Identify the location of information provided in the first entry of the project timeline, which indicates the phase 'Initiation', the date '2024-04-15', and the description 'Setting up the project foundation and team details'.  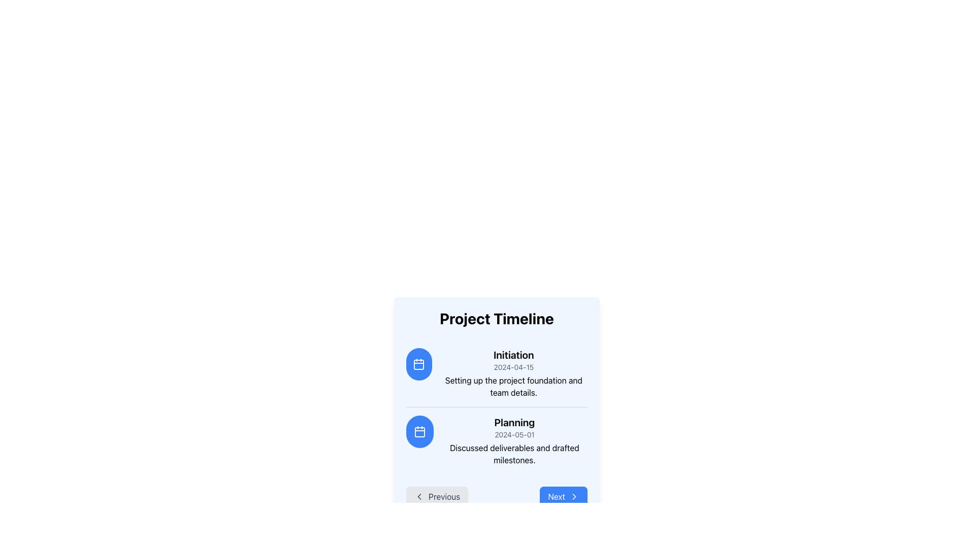
(497, 373).